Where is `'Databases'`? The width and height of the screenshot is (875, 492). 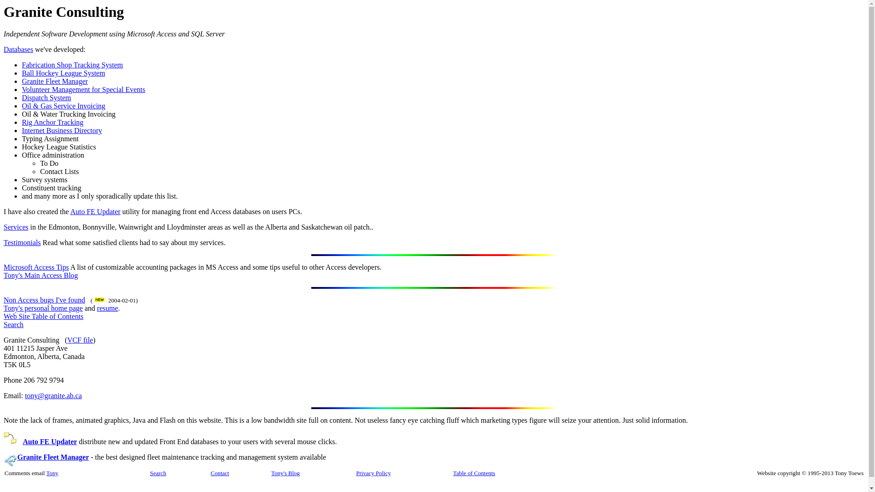 'Databases' is located at coordinates (18, 49).